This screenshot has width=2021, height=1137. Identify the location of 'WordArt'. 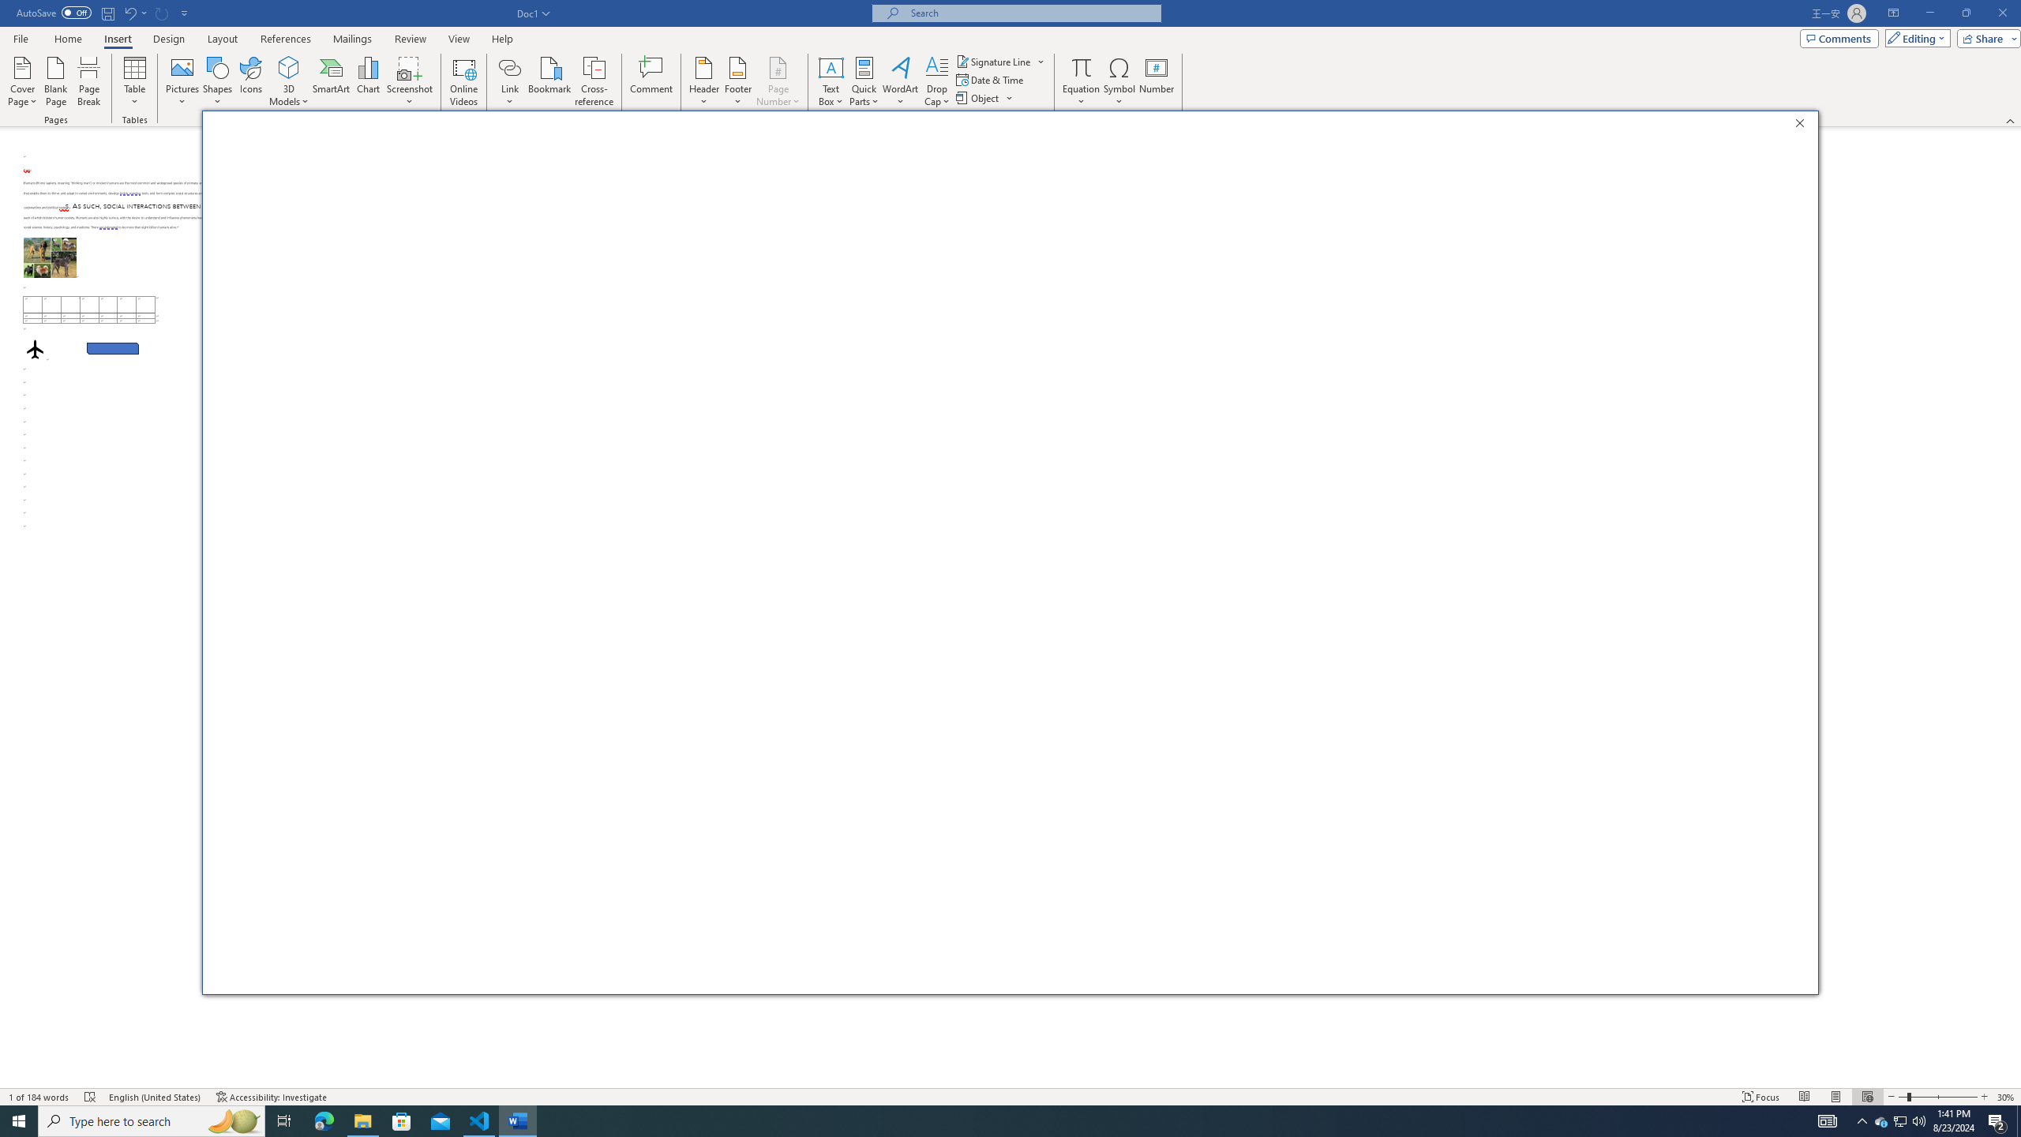
(900, 81).